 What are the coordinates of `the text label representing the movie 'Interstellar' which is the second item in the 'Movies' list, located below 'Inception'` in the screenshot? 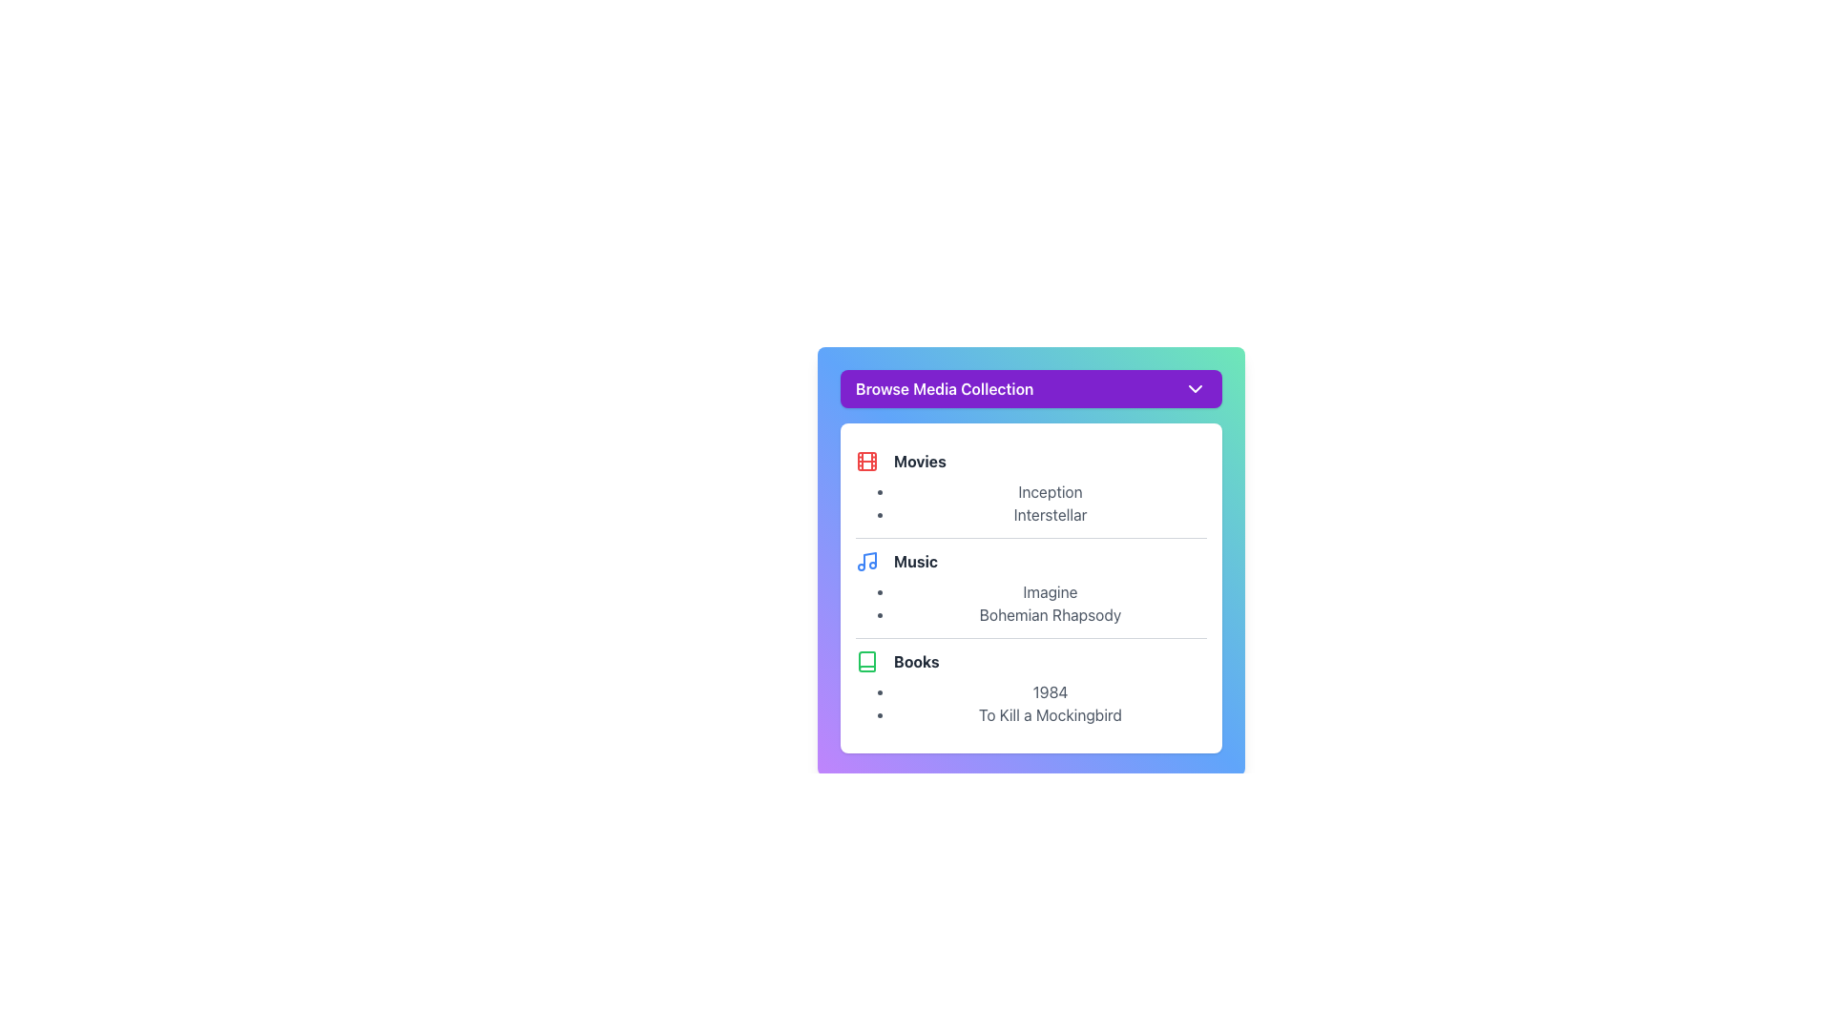 It's located at (1049, 515).